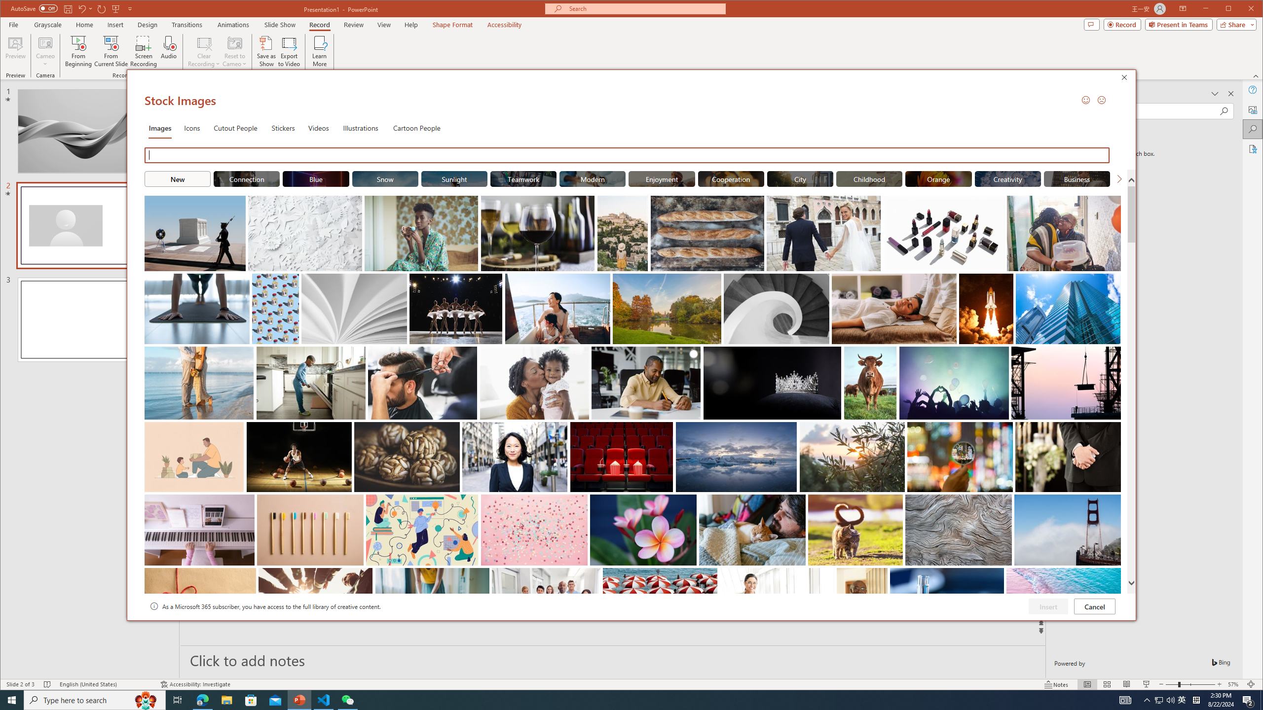 This screenshot has height=710, width=1263. What do you see at coordinates (78, 51) in the screenshot?
I see `'From Beginning...'` at bounding box center [78, 51].